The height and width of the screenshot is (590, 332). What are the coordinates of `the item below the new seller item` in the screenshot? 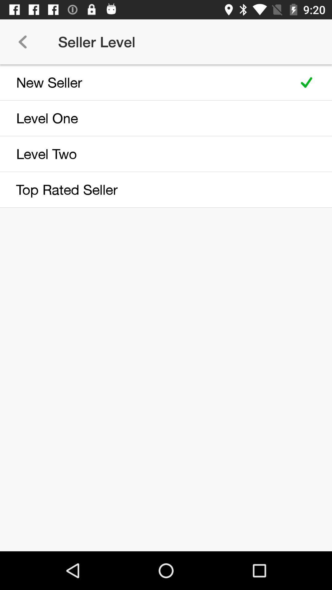 It's located at (145, 118).